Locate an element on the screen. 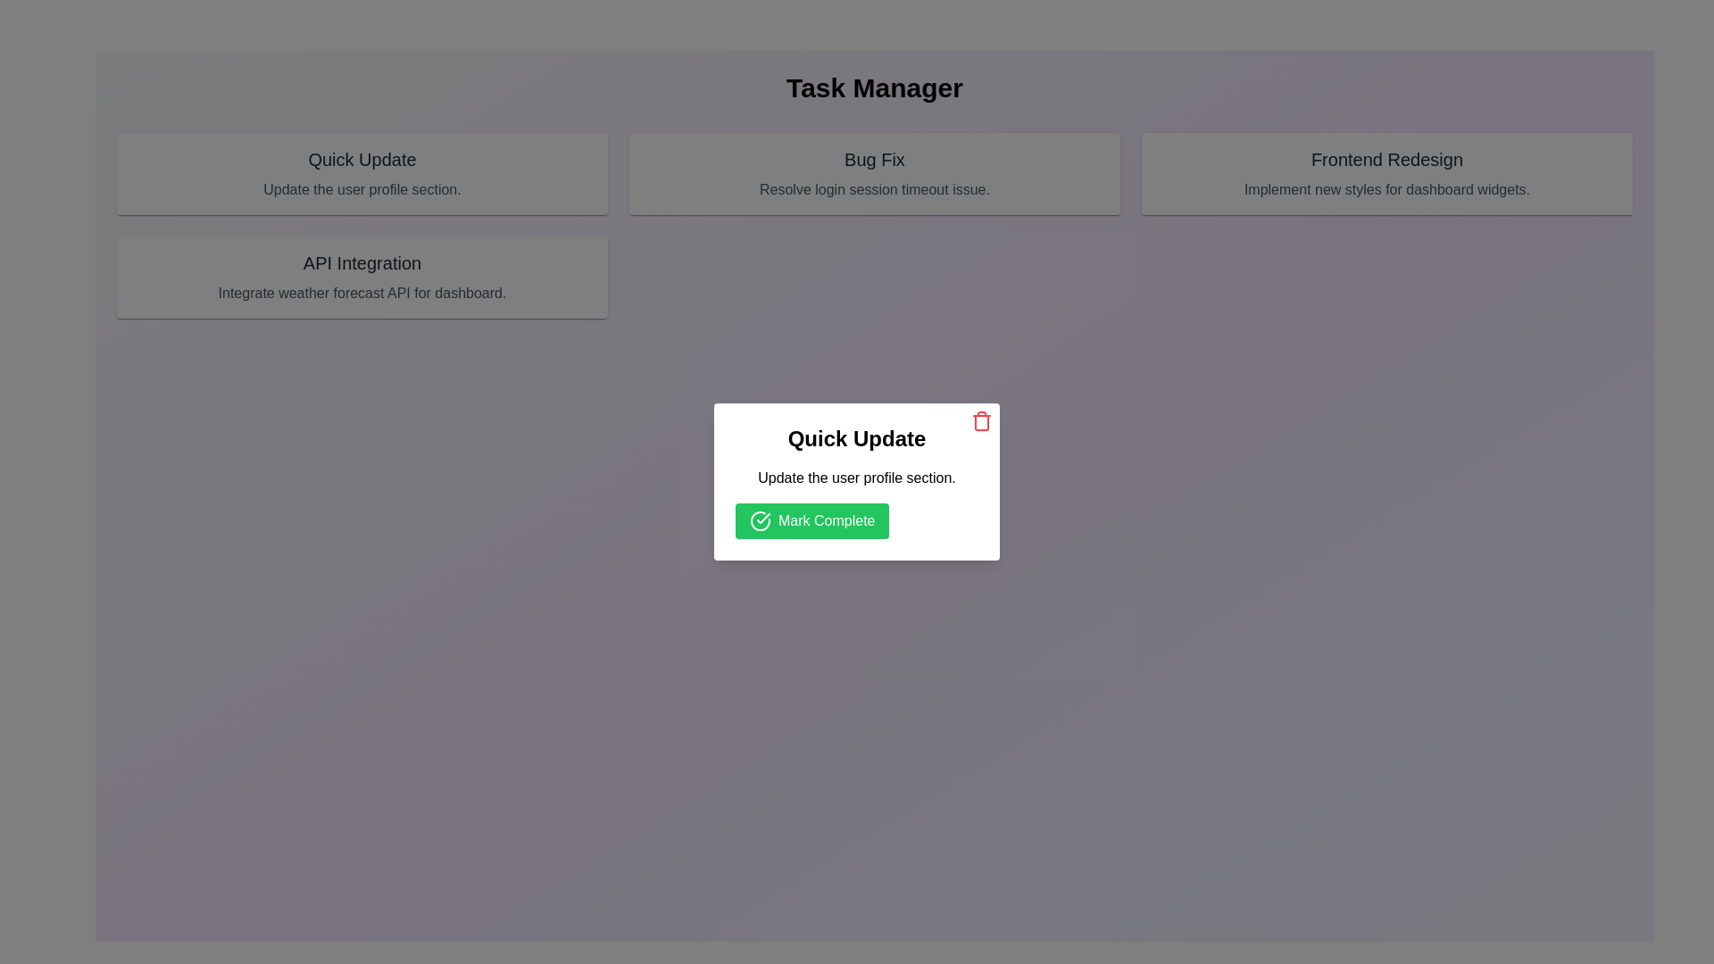 The image size is (1714, 964). the red-colored trash icon button located in the top-right corner of the 'Quick Update' card is located at coordinates (980, 420).